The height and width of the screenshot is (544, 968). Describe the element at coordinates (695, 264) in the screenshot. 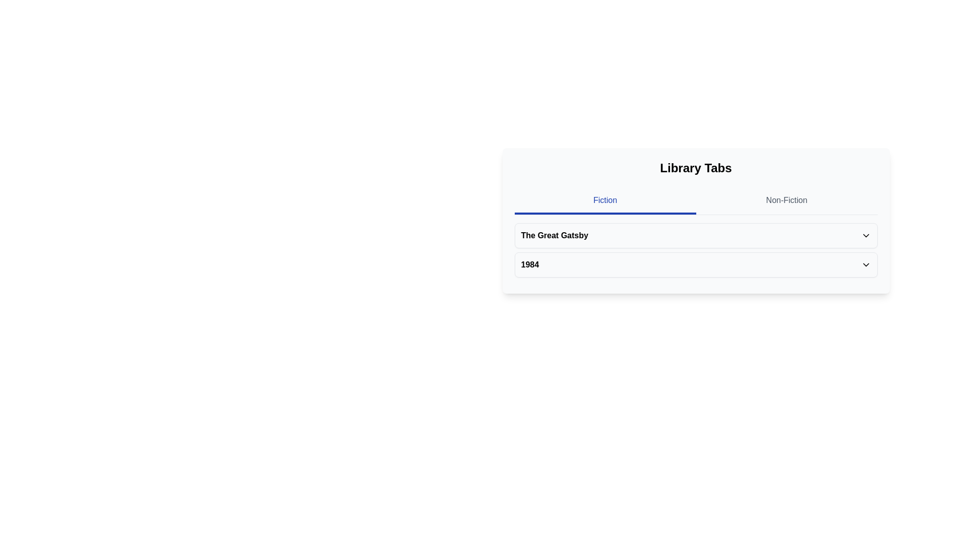

I see `the dropdown selection option under the title 'The Great Gatsby'` at that location.